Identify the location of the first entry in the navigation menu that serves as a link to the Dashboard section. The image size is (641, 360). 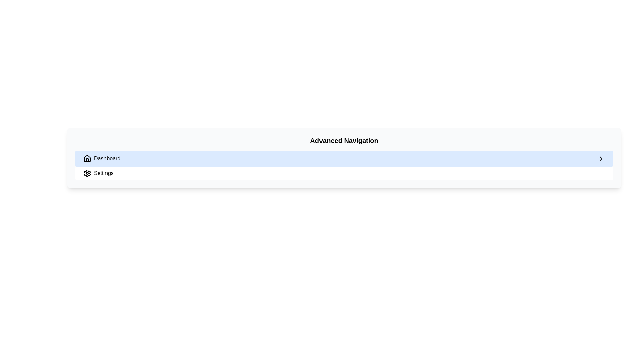
(344, 158).